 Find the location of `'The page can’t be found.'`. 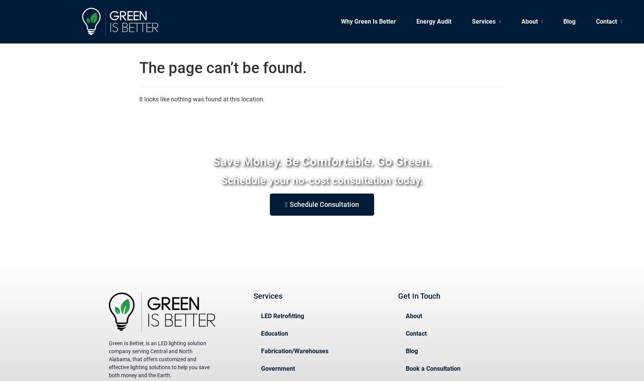

'The page can’t be found.' is located at coordinates (139, 68).